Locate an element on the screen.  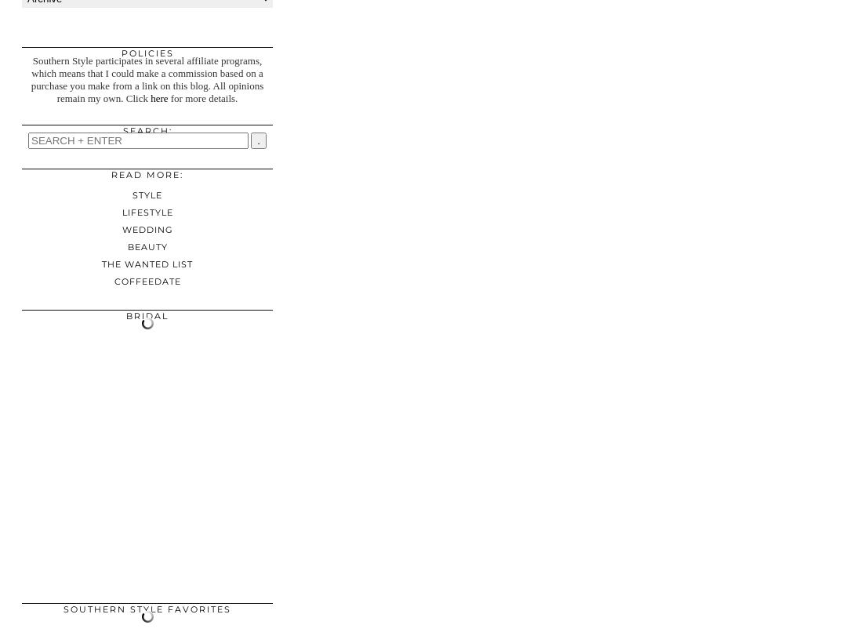
'style' is located at coordinates (147, 194).